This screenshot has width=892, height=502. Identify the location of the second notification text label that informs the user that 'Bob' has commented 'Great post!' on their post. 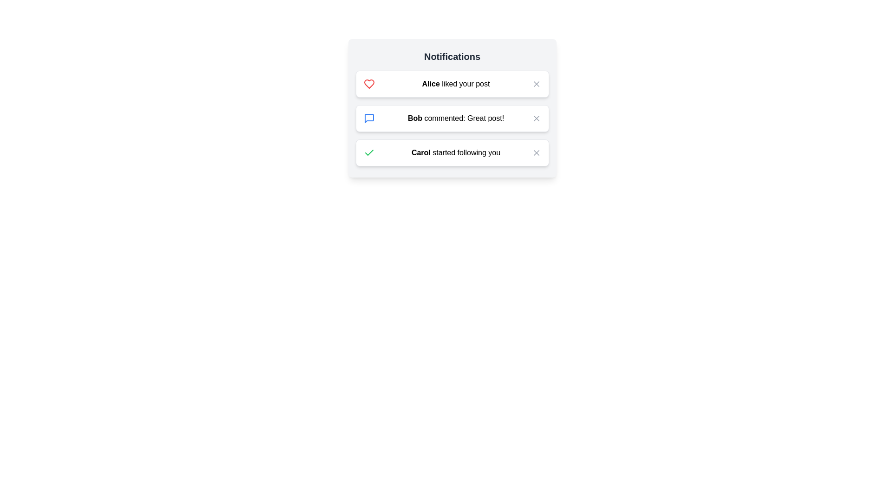
(456, 118).